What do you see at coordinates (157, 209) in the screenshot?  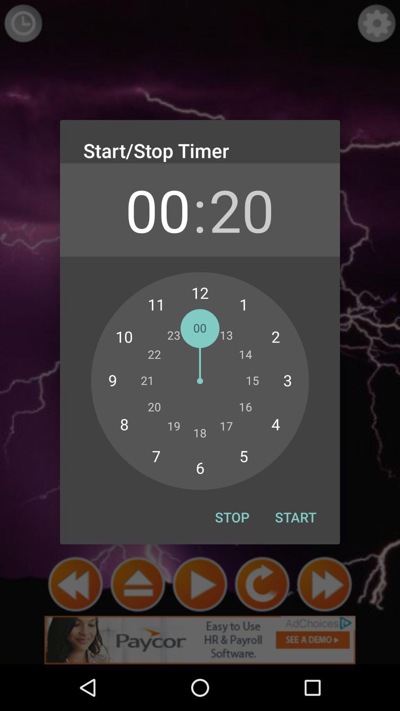 I see `the icon below start/stop timer item` at bounding box center [157, 209].